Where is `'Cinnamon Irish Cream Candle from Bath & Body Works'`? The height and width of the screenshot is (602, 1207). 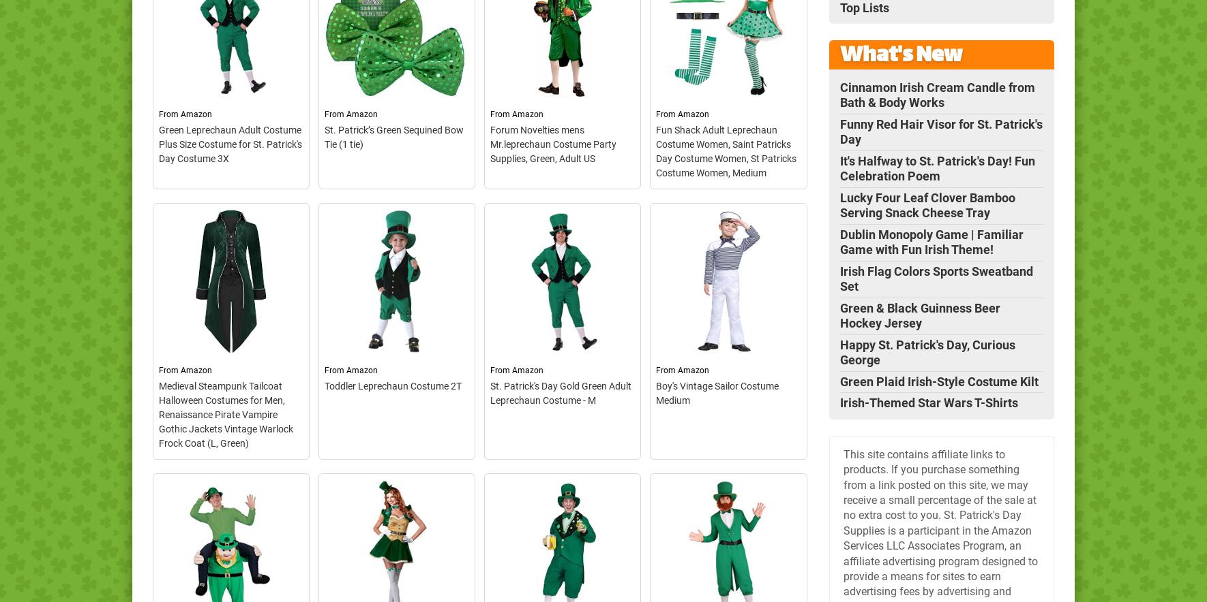
'Cinnamon Irish Cream Candle from Bath & Body Works' is located at coordinates (937, 93).